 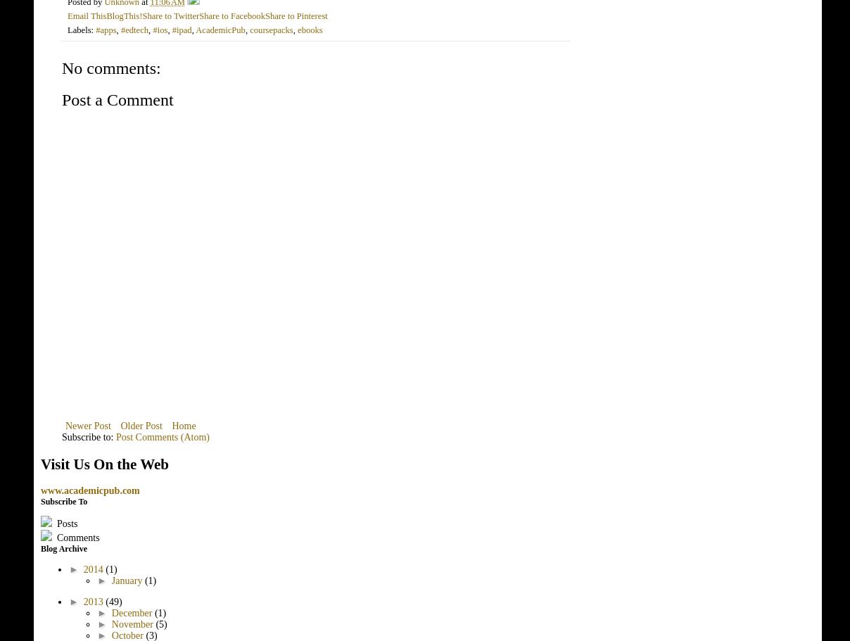 What do you see at coordinates (295, 15) in the screenshot?
I see `'Share to Pinterest'` at bounding box center [295, 15].